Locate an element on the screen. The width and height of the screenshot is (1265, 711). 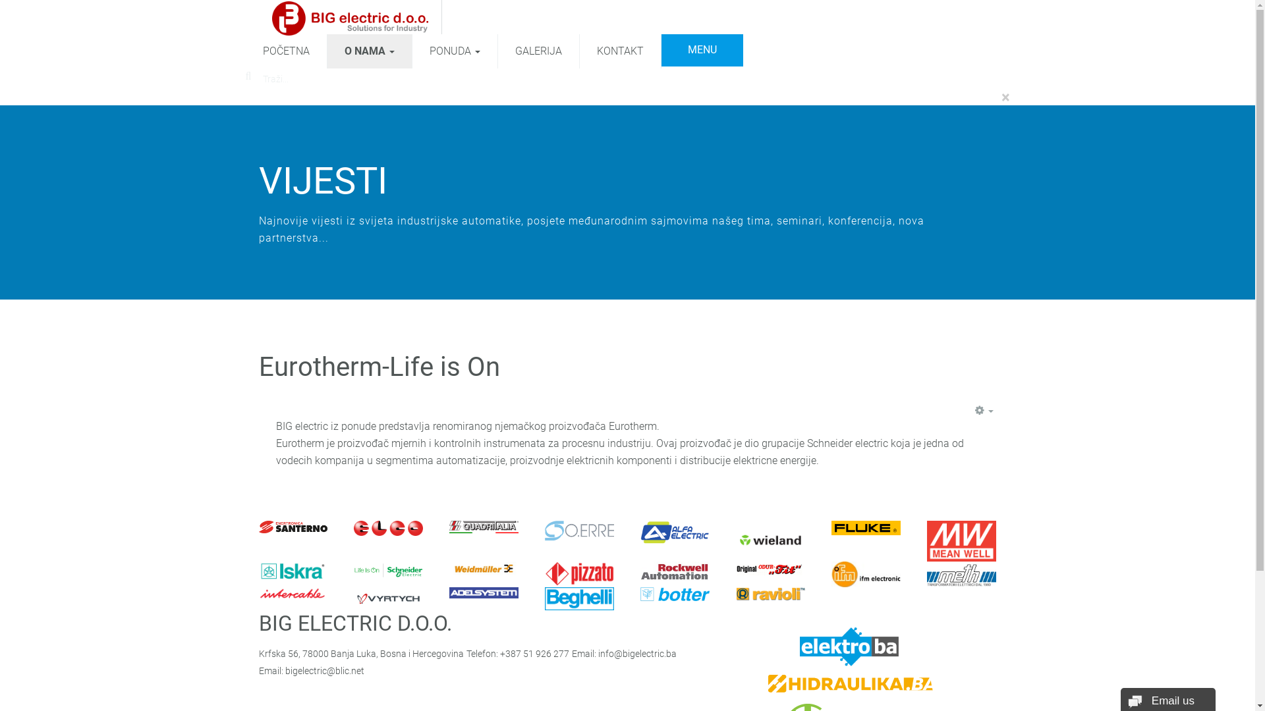
'Elettronica Santerno' is located at coordinates (292, 526).